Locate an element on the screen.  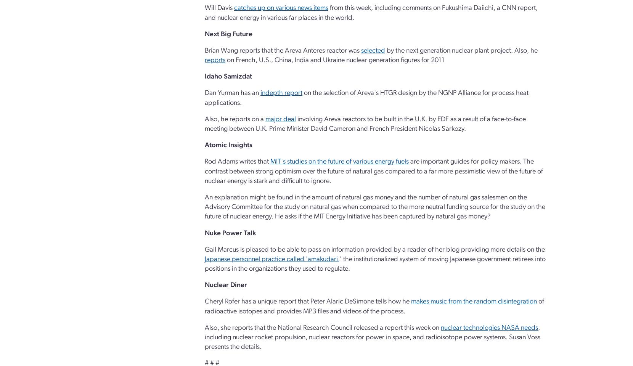
'indepth report' is located at coordinates (281, 93).